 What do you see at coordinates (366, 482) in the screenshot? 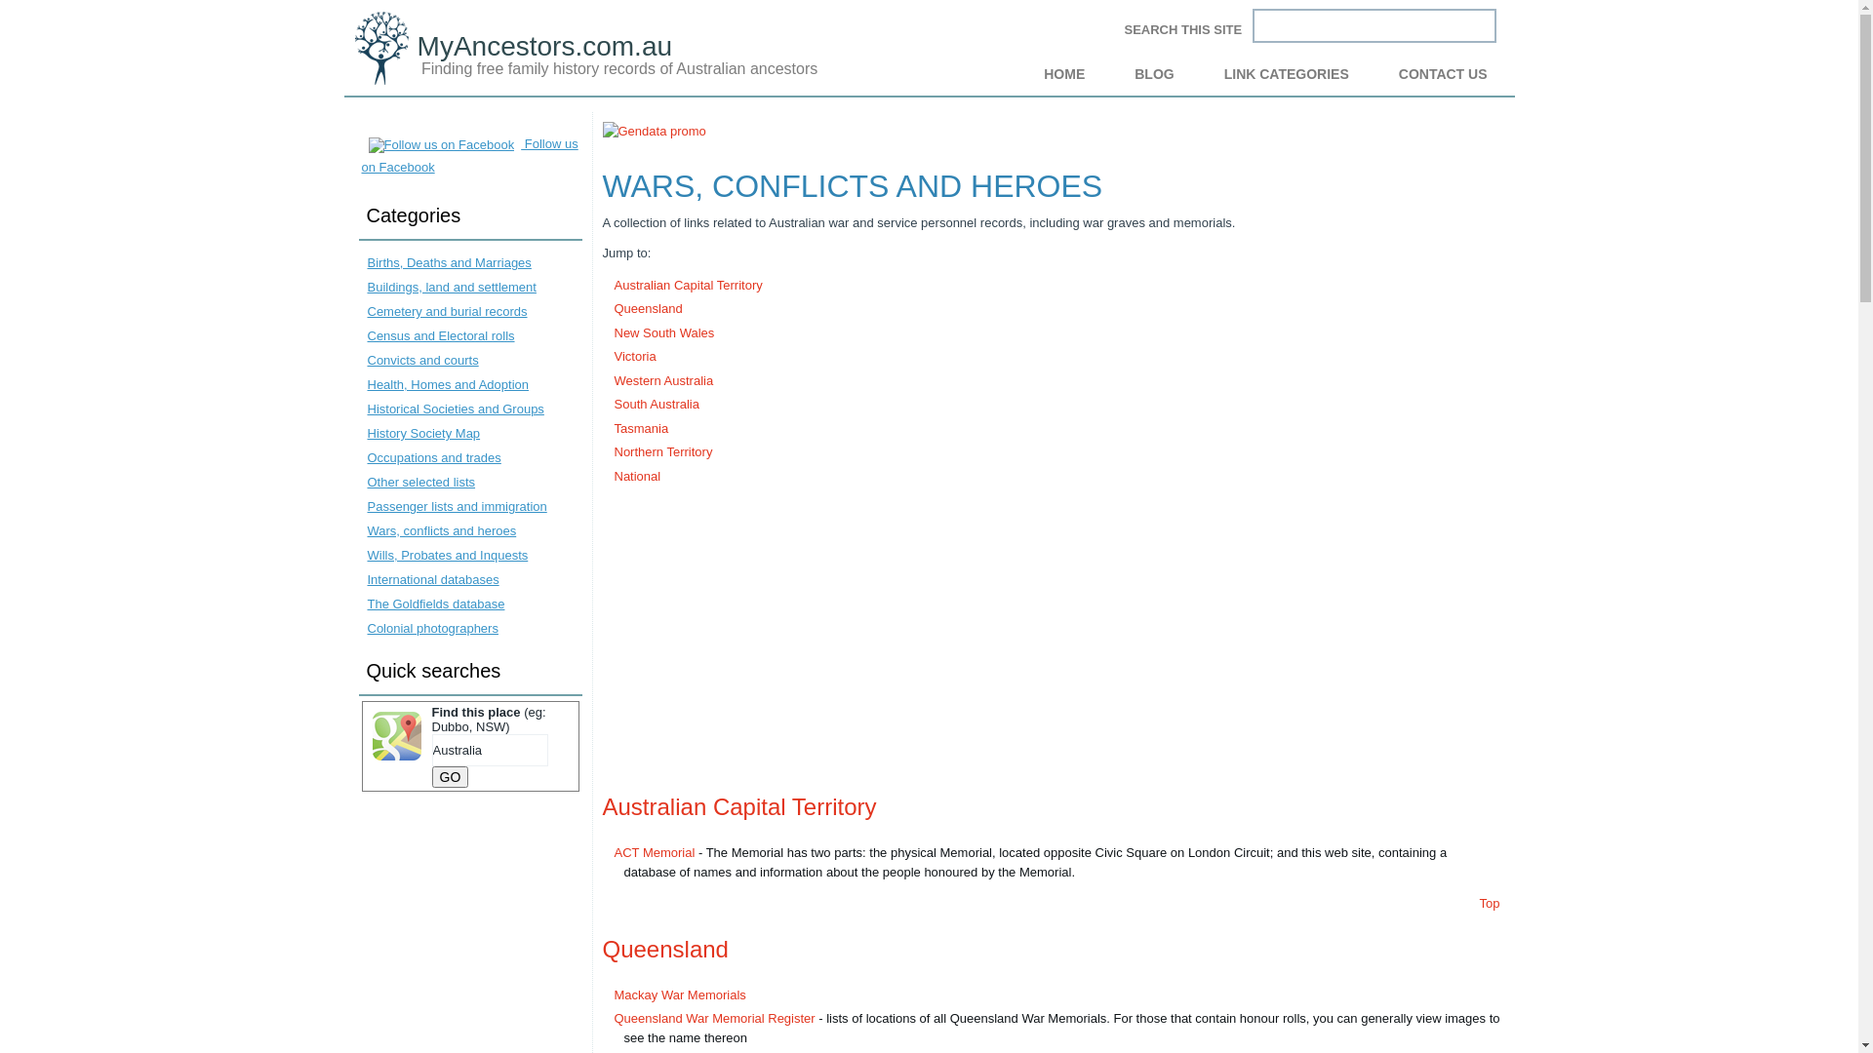
I see `'Other selected lists'` at bounding box center [366, 482].